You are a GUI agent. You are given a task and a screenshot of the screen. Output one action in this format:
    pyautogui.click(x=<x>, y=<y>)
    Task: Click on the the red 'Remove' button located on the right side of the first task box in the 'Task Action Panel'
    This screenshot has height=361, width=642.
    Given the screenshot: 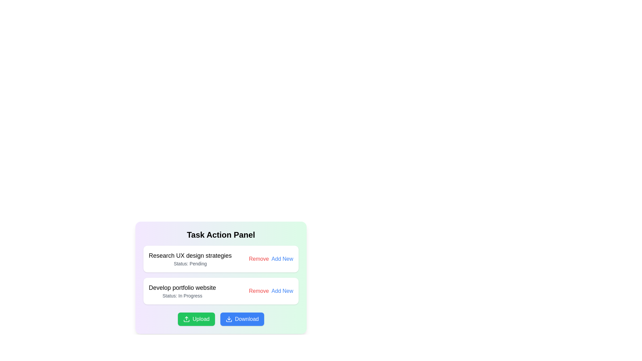 What is the action you would take?
    pyautogui.click(x=258, y=259)
    